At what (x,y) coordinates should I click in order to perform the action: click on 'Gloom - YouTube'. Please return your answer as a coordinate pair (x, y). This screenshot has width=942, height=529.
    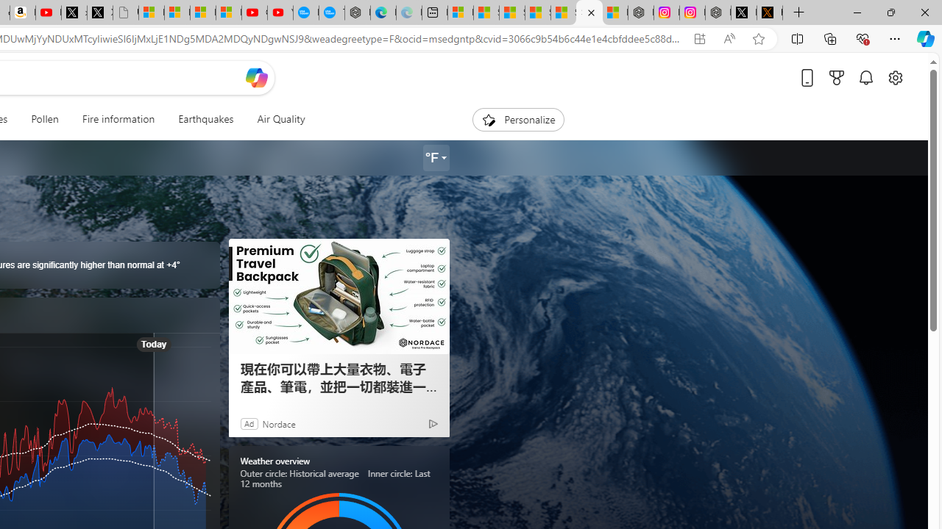
    Looking at the image, I should click on (255, 12).